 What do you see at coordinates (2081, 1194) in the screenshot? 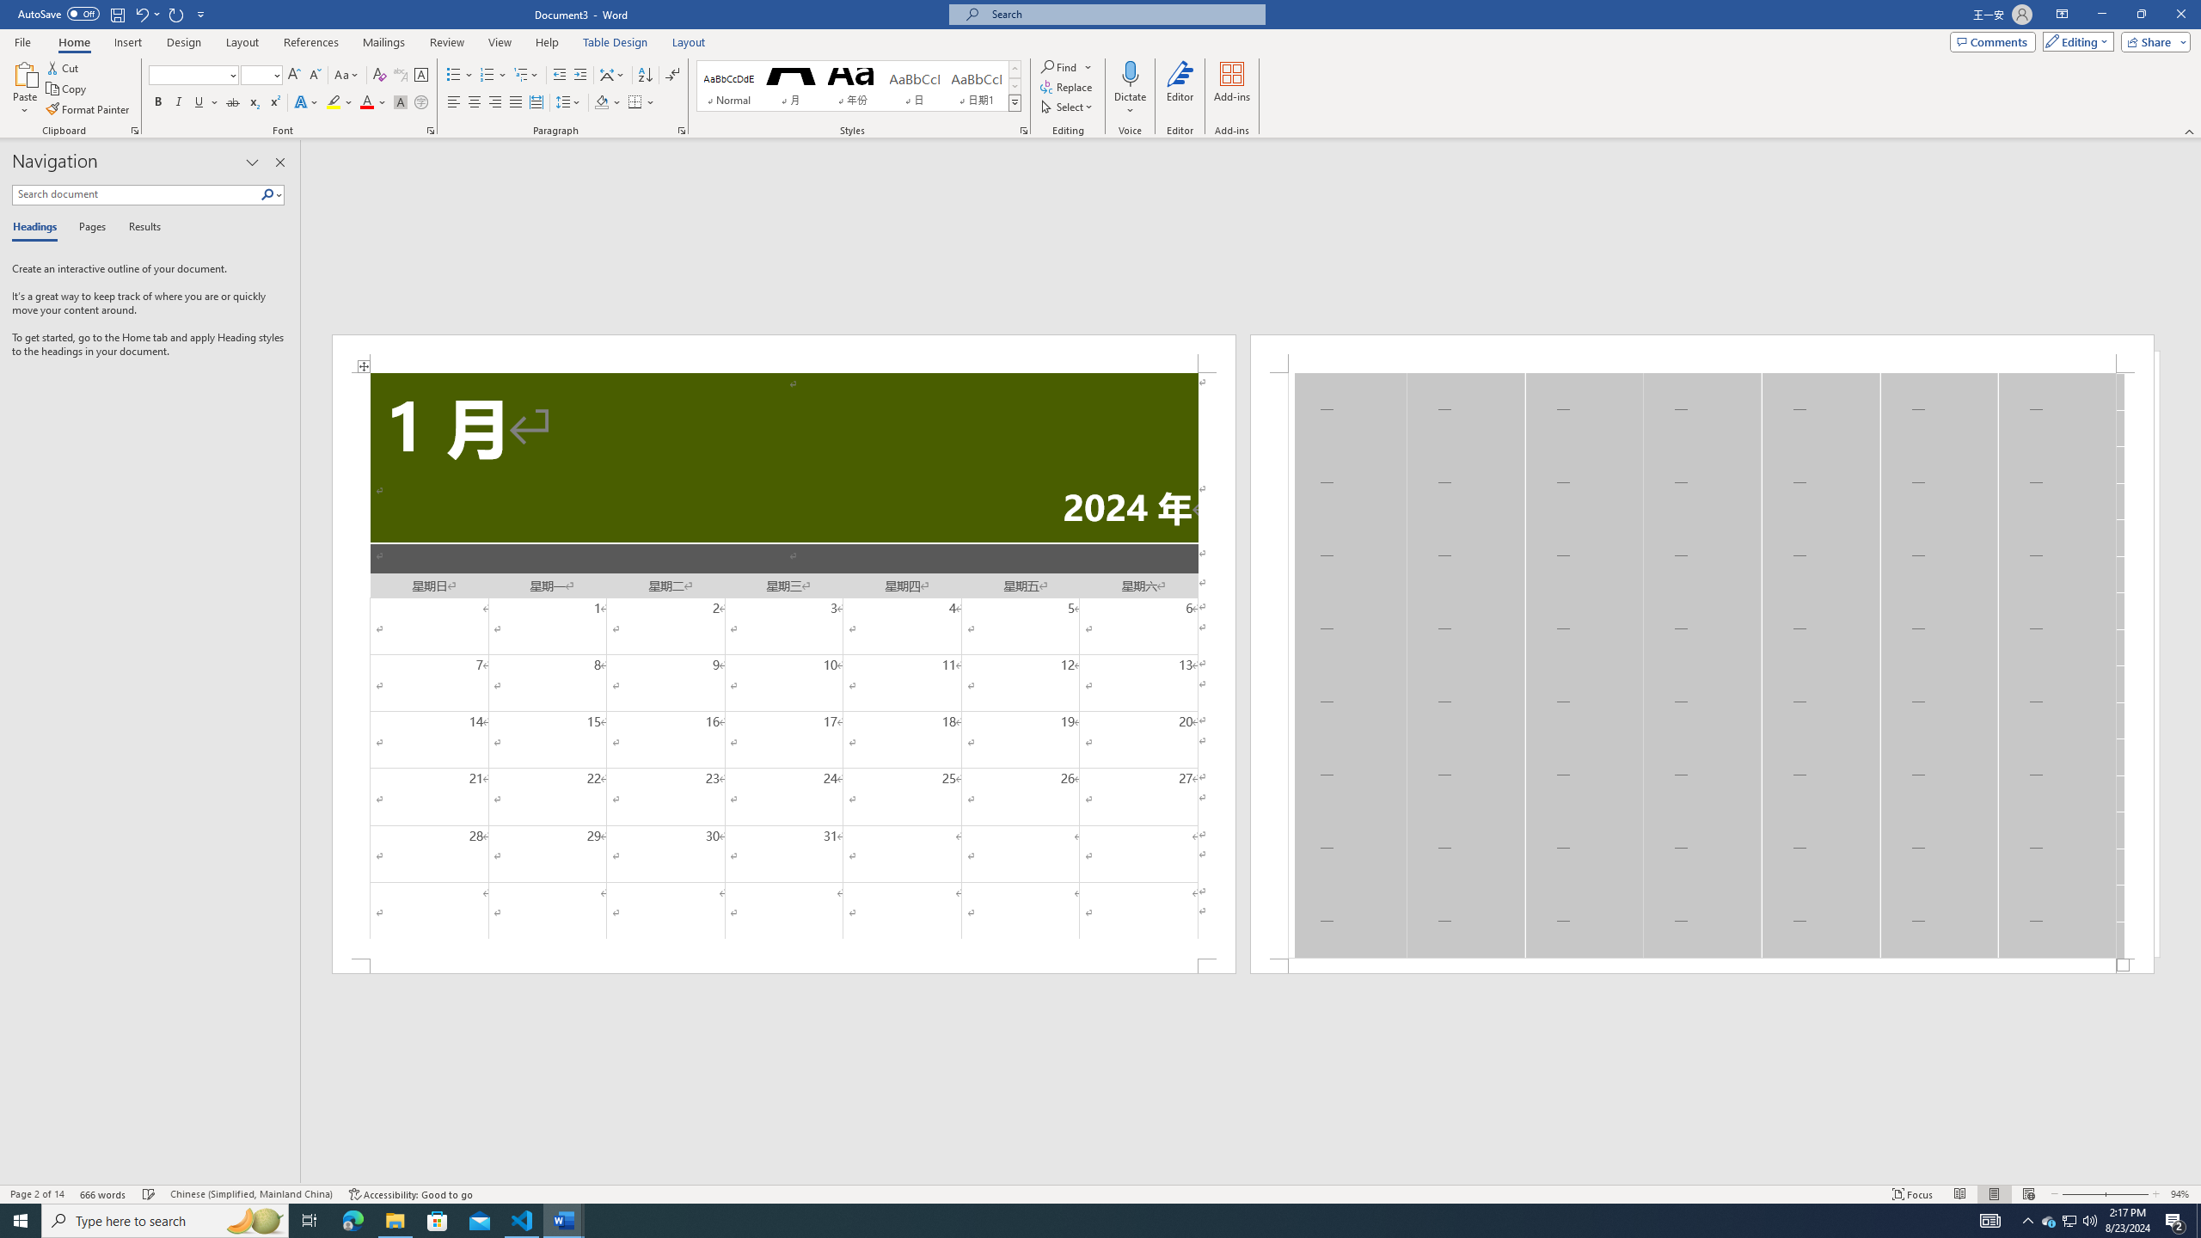
I see `'Zoom Out'` at bounding box center [2081, 1194].